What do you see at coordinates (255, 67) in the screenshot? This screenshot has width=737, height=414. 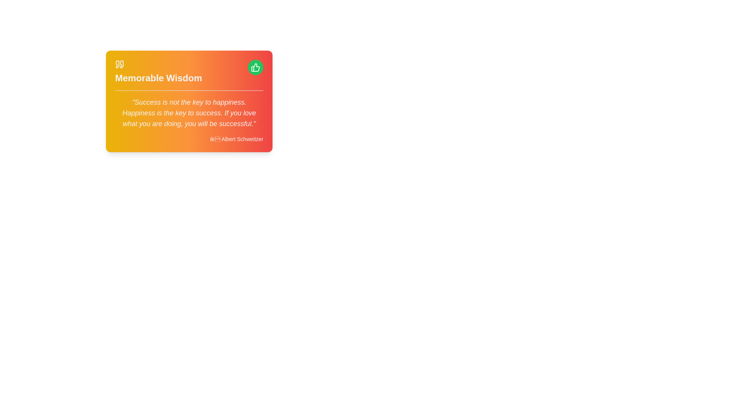 I see `the 'thumbs-up' icon located in the upper-right corner of the 'Memorable Wisdom' card to express approval or endorsement of the content` at bounding box center [255, 67].